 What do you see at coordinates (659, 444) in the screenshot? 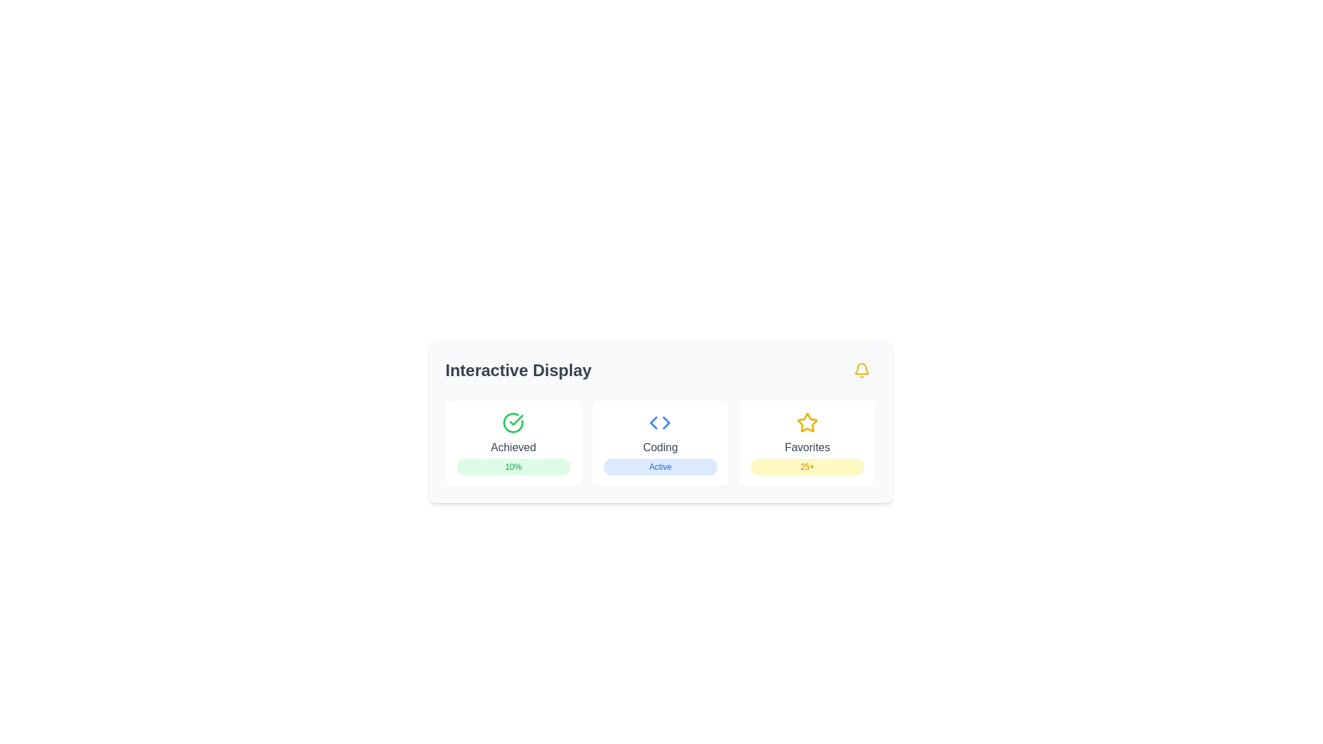
I see `displayed information from the Informational card block labeled 'Coding' with an 'Active' status, which is centrally located in the card group between 'Achieved' and 'Favorites'` at bounding box center [659, 444].